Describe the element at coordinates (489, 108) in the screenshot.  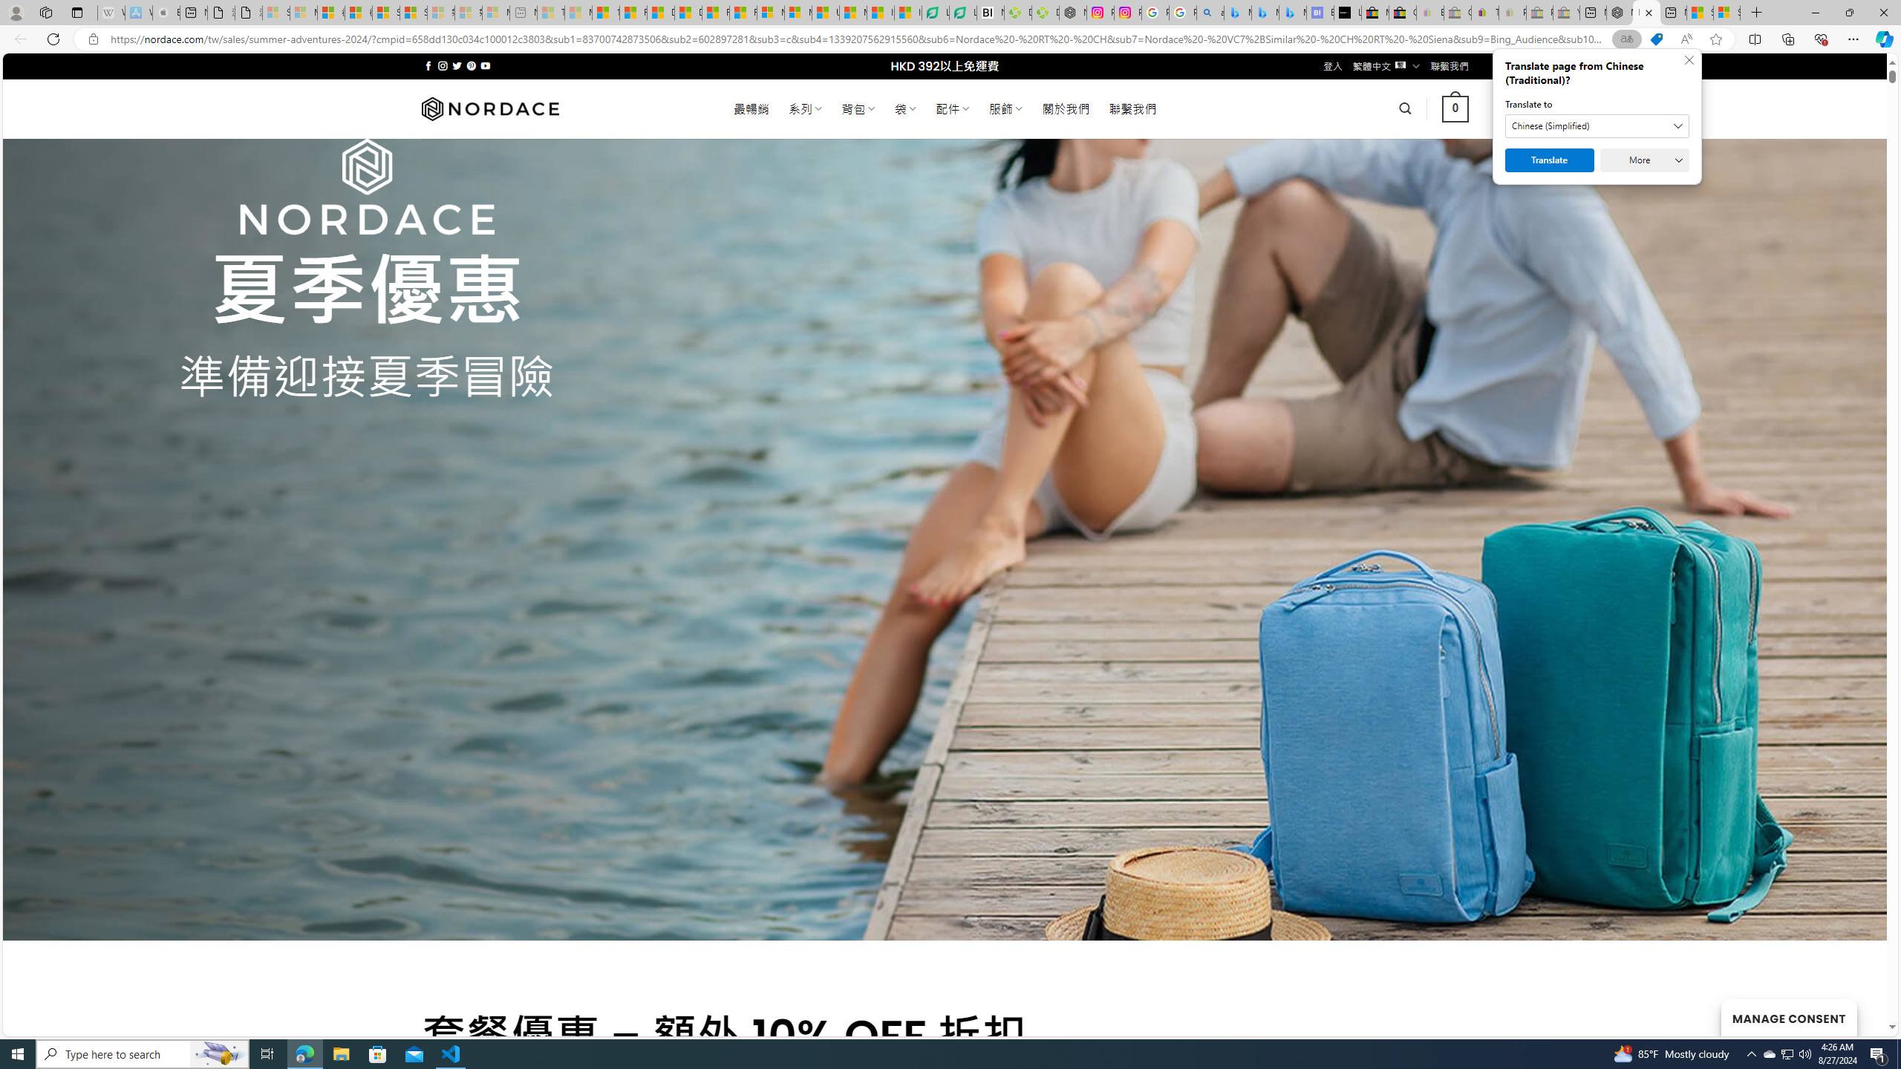
I see `'Nordace'` at that location.